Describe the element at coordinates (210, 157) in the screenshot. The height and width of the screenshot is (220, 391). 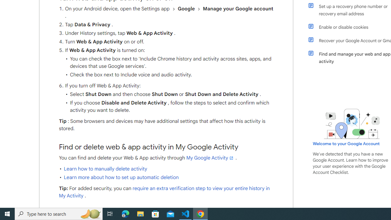
I see `'My Google Activity'` at that location.